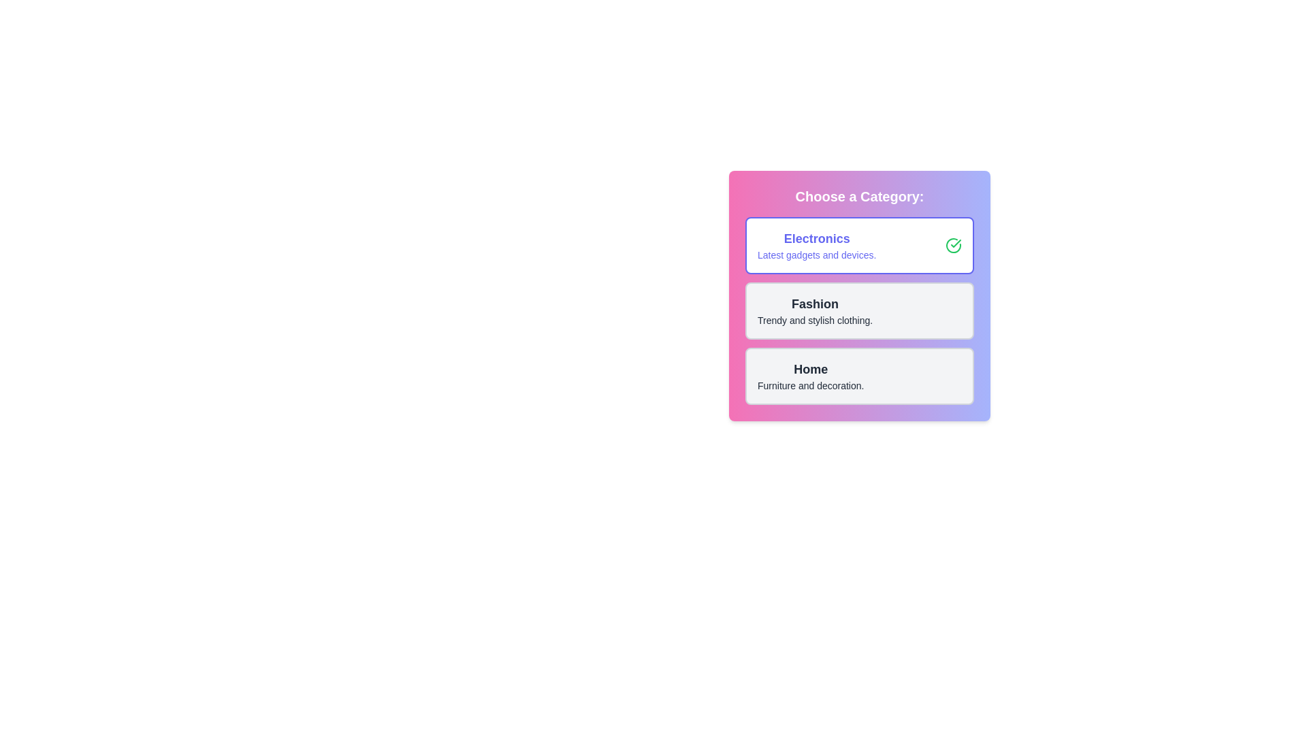 The image size is (1307, 735). Describe the element at coordinates (858, 246) in the screenshot. I see `the first selectable item labeled 'Electronics' in the 'Choose a Category:' list` at that location.